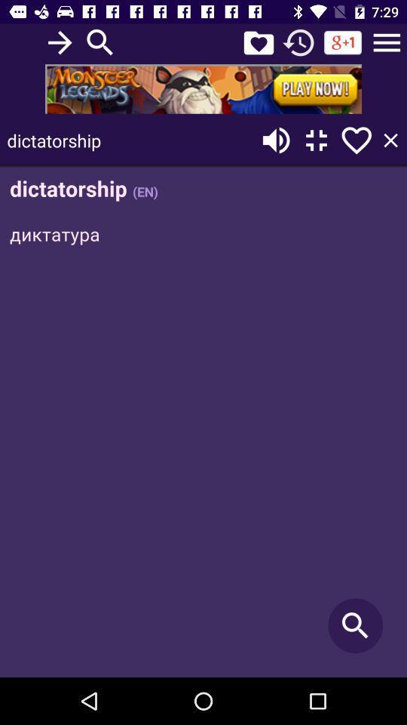  Describe the element at coordinates (59, 42) in the screenshot. I see `the arrow_forward icon` at that location.